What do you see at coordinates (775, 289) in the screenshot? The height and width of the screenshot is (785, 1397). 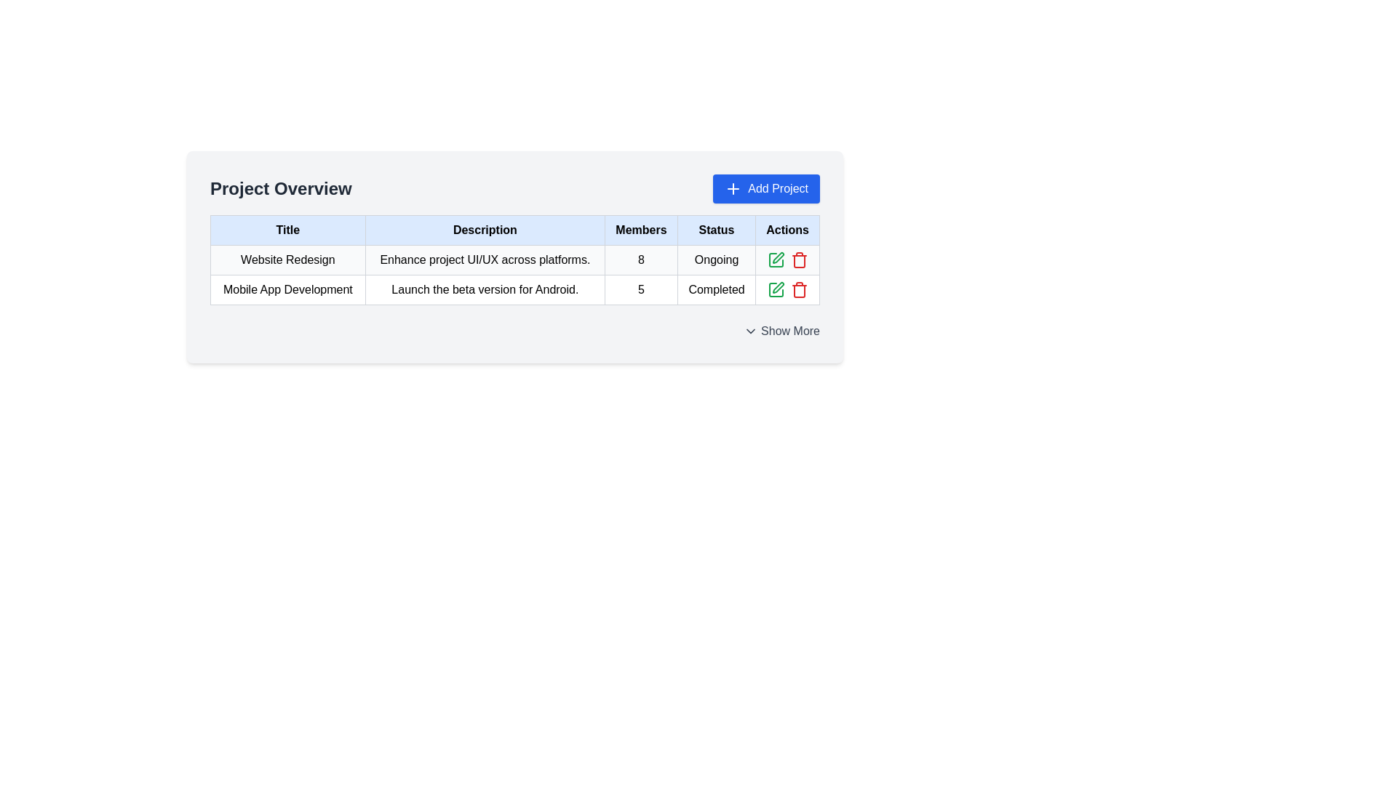 I see `the hollow square icon representing the edit action in the 'Actions' column of the 'Project Overview' table, positioned next to the pencil graphic in the 'Mobile App Development' row` at bounding box center [775, 289].